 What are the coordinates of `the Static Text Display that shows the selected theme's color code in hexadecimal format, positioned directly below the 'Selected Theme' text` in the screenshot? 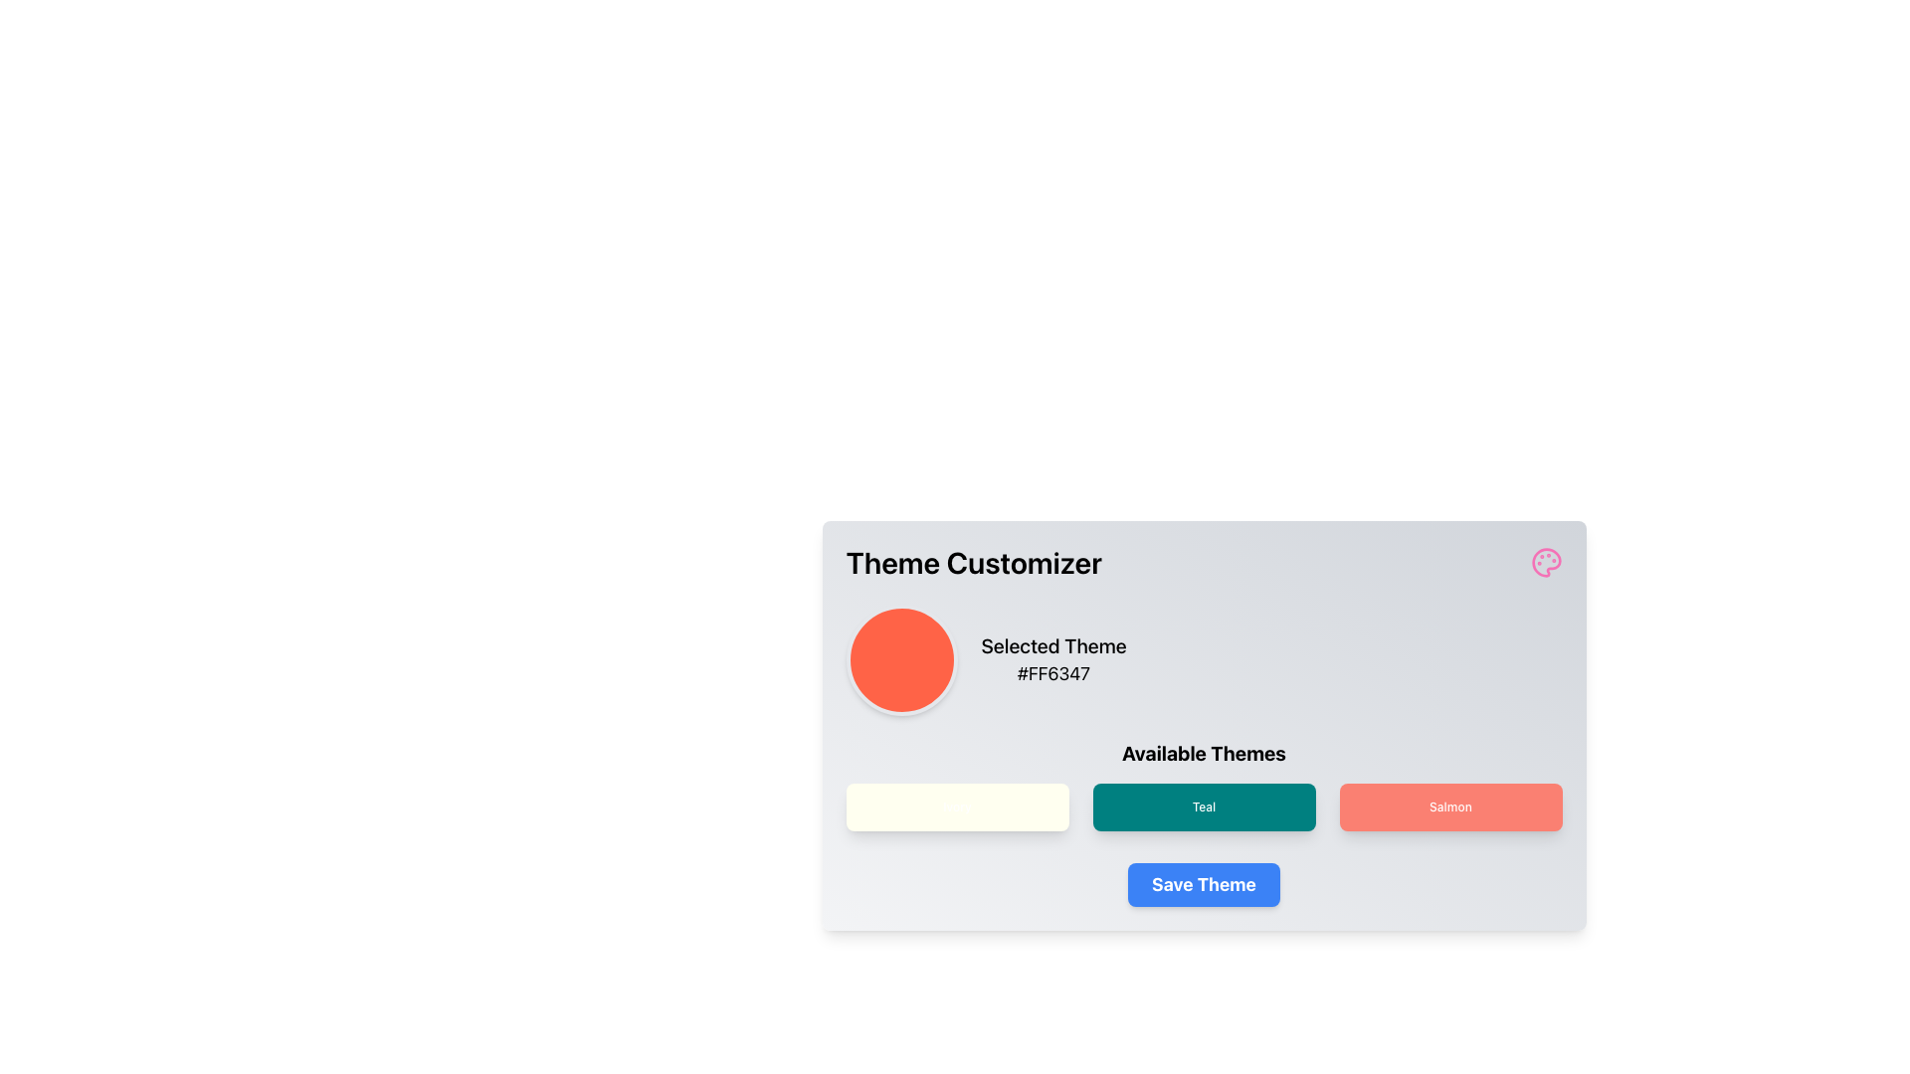 It's located at (1052, 673).